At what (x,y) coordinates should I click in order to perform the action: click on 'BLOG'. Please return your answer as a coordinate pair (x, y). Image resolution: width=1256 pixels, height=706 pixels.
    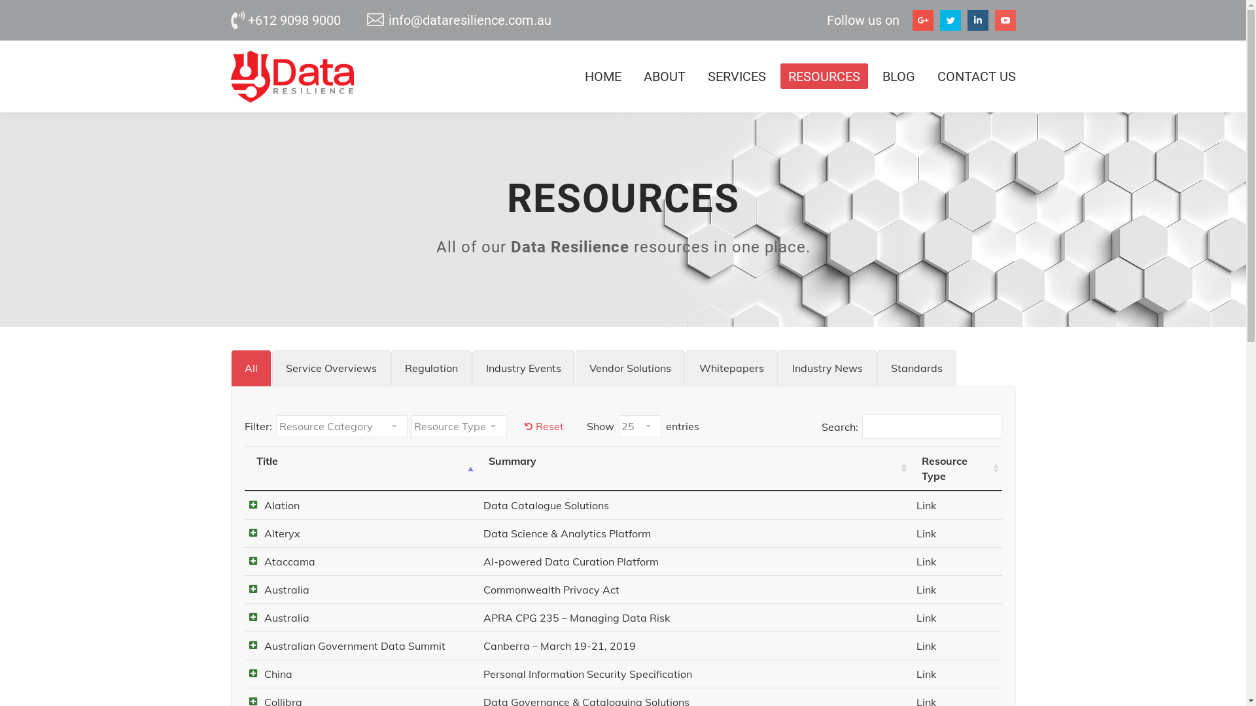
    Looking at the image, I should click on (897, 76).